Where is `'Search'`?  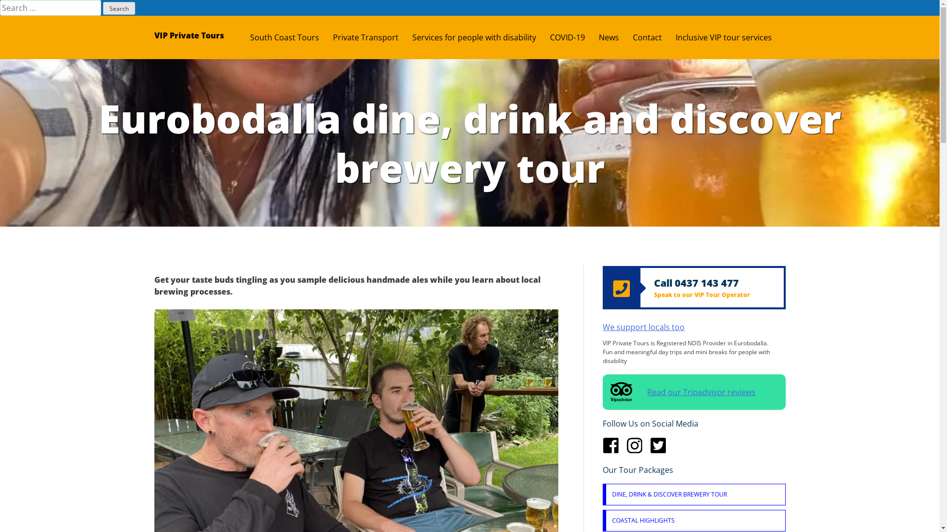
'Search' is located at coordinates (118, 8).